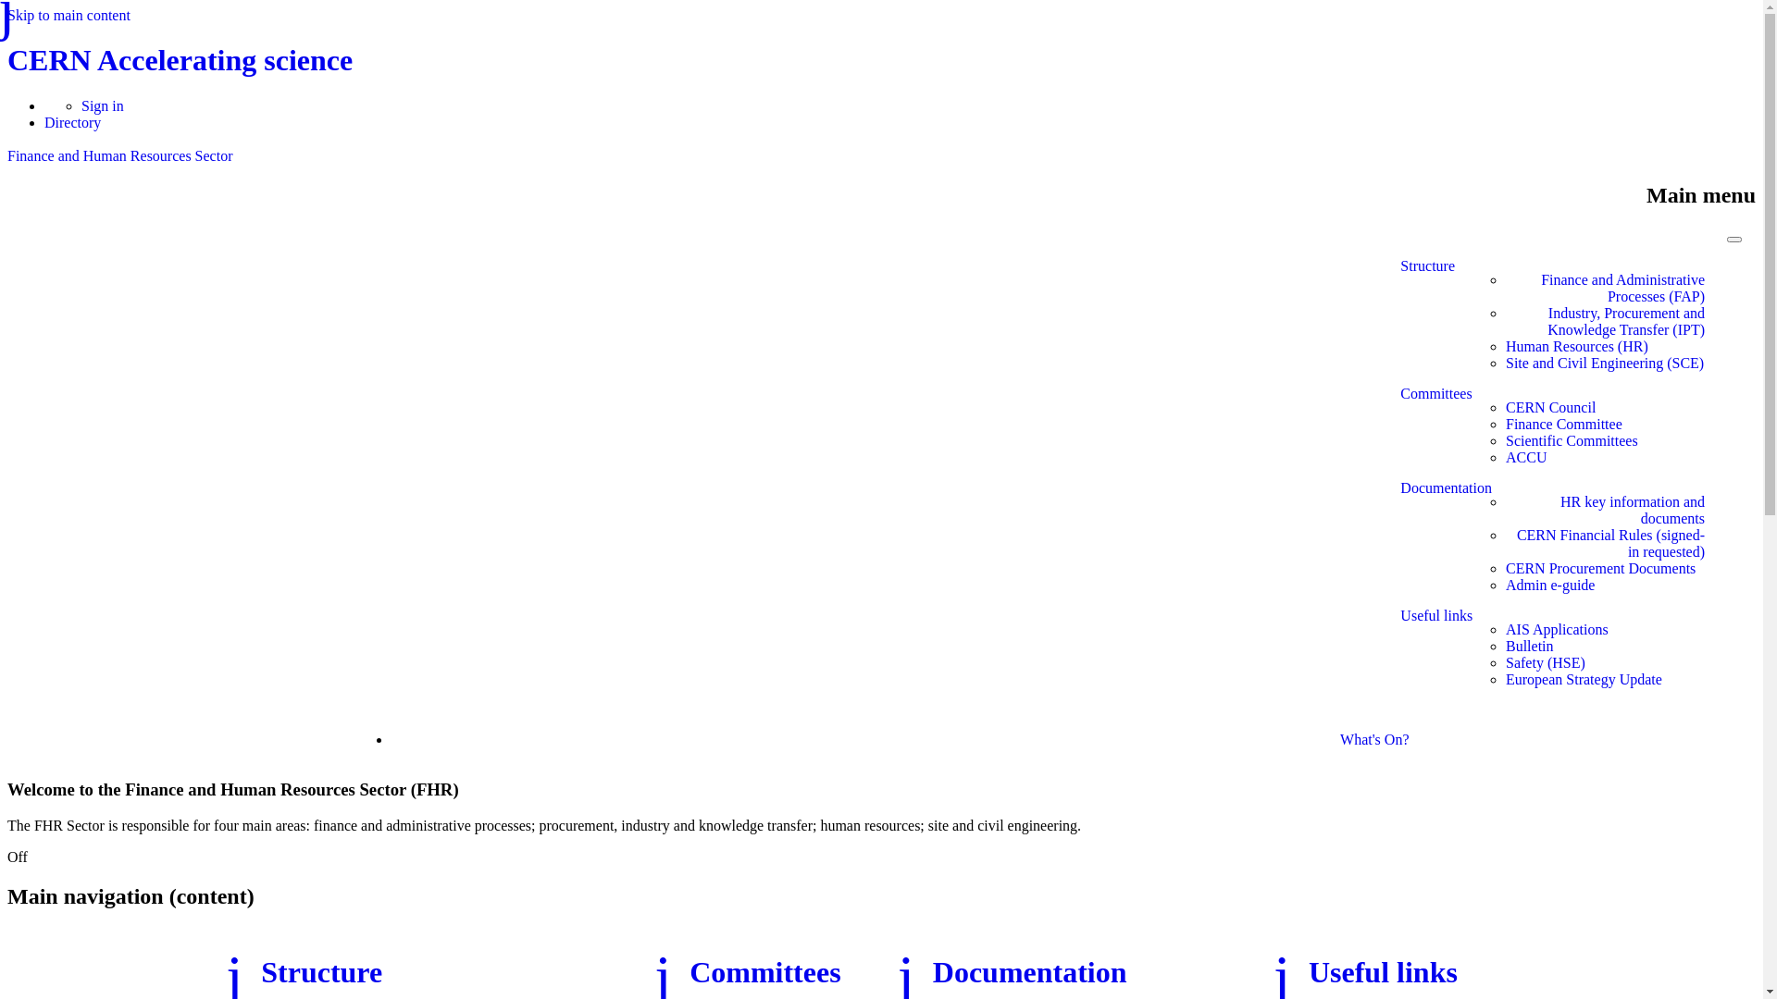 Image resolution: width=1777 pixels, height=999 pixels. I want to click on 'Useful links', so click(1399, 654).